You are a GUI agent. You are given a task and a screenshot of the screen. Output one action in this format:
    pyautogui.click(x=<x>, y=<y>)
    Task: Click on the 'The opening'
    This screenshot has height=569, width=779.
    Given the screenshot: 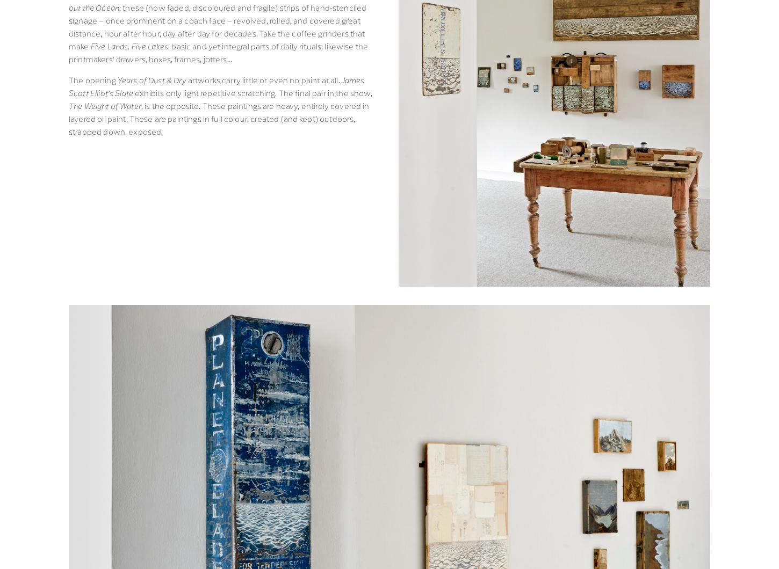 What is the action you would take?
    pyautogui.click(x=92, y=78)
    